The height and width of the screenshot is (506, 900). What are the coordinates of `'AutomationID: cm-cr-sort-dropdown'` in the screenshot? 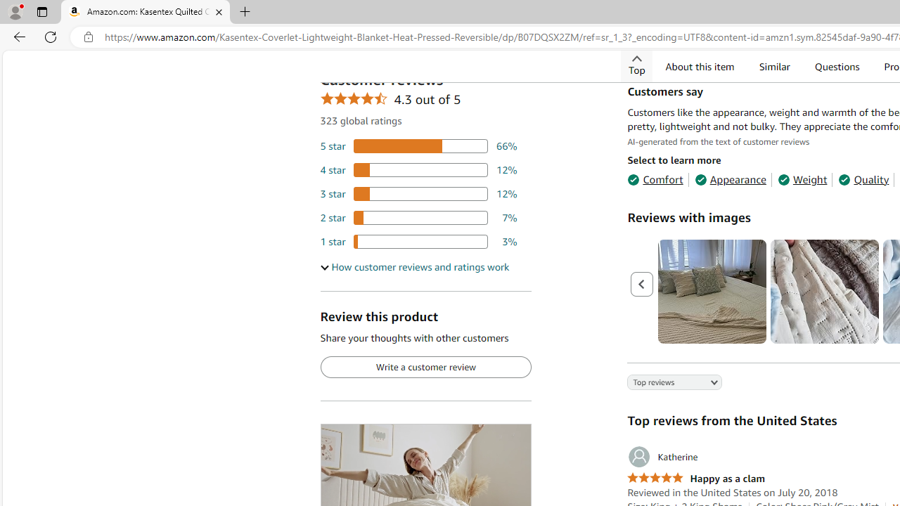 It's located at (663, 384).